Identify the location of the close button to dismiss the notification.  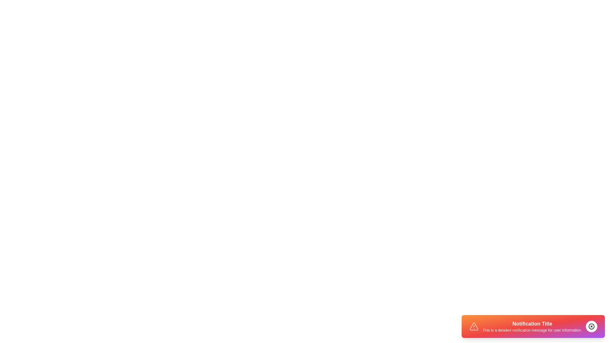
(591, 326).